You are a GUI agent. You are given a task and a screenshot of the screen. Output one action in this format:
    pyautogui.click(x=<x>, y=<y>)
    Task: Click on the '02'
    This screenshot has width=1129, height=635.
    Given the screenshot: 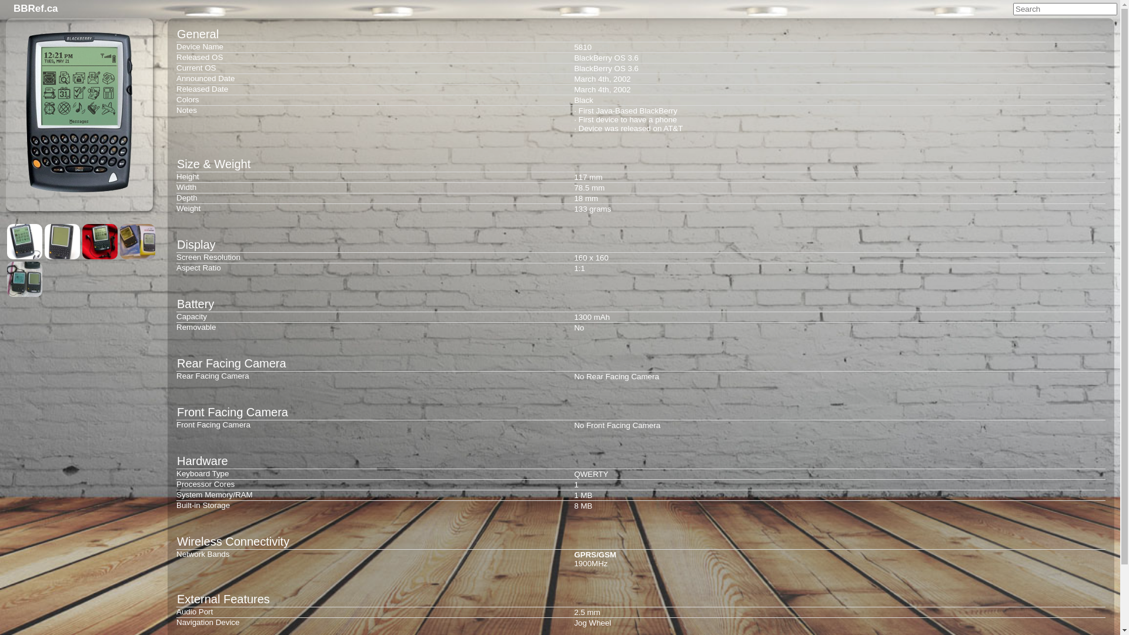 What is the action you would take?
    pyautogui.click(x=45, y=241)
    